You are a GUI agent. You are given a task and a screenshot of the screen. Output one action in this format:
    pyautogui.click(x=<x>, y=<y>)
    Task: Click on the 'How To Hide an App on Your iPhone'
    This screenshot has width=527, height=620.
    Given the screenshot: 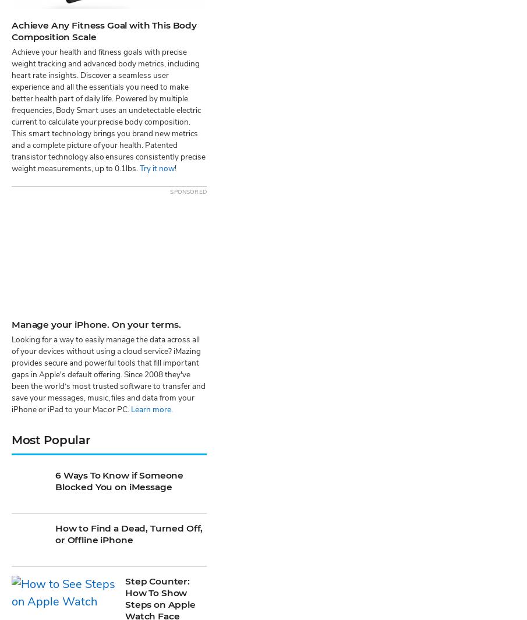 What is the action you would take?
    pyautogui.click(x=161, y=562)
    